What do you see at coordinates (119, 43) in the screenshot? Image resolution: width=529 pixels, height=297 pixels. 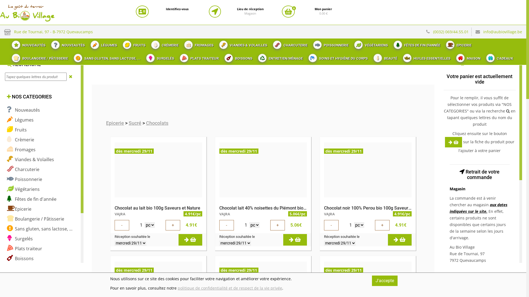 I see `'FRUITS'` at bounding box center [119, 43].